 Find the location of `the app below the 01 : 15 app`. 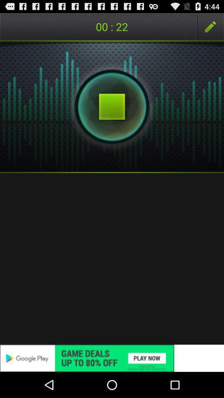

the app below the 01 : 15 app is located at coordinates (112, 106).